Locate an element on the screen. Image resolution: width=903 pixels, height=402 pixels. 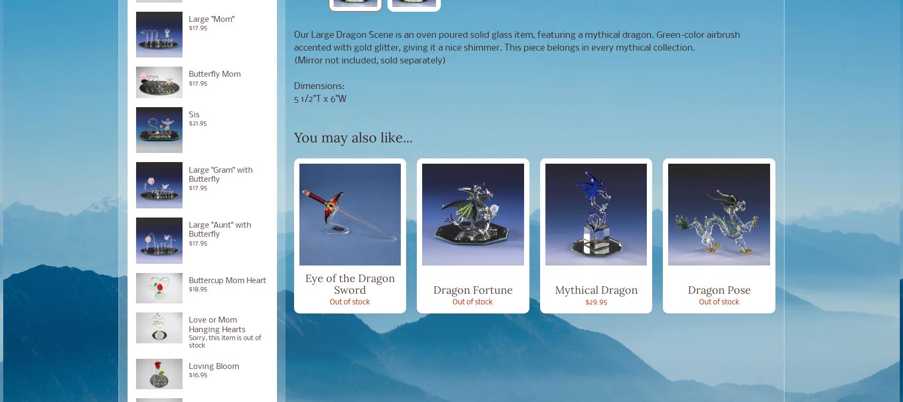
'$29.95' is located at coordinates (596, 302).